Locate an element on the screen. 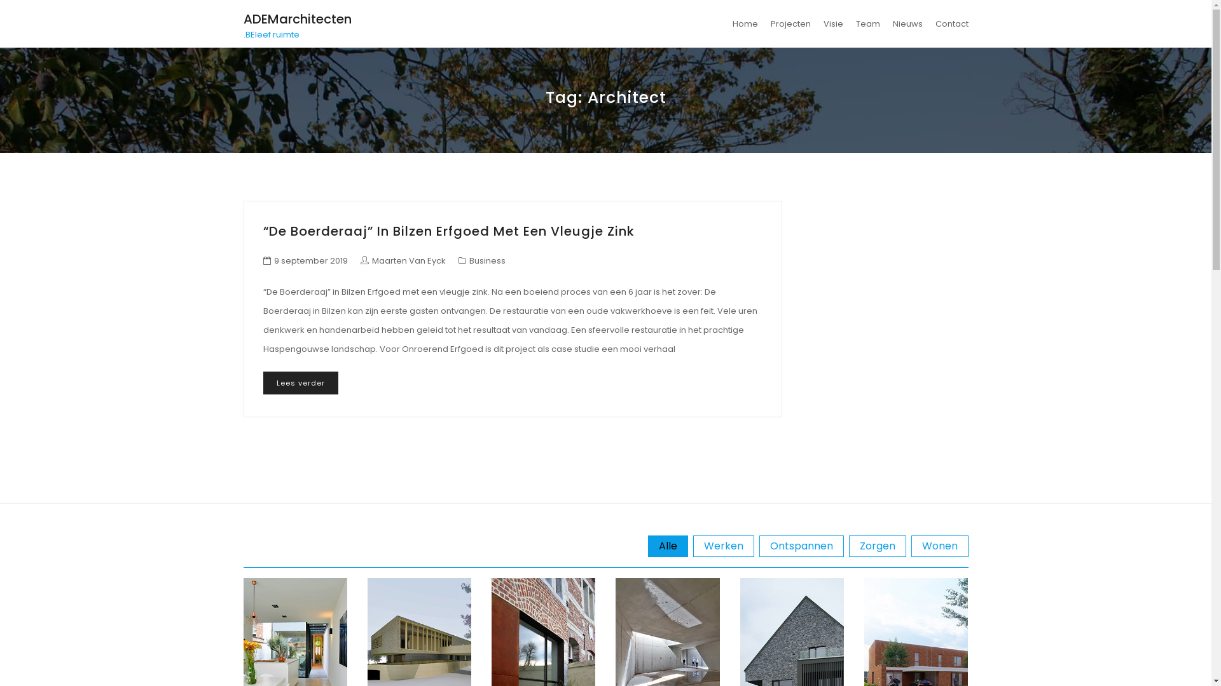 This screenshot has width=1221, height=686. '9 september 2019' is located at coordinates (310, 260).